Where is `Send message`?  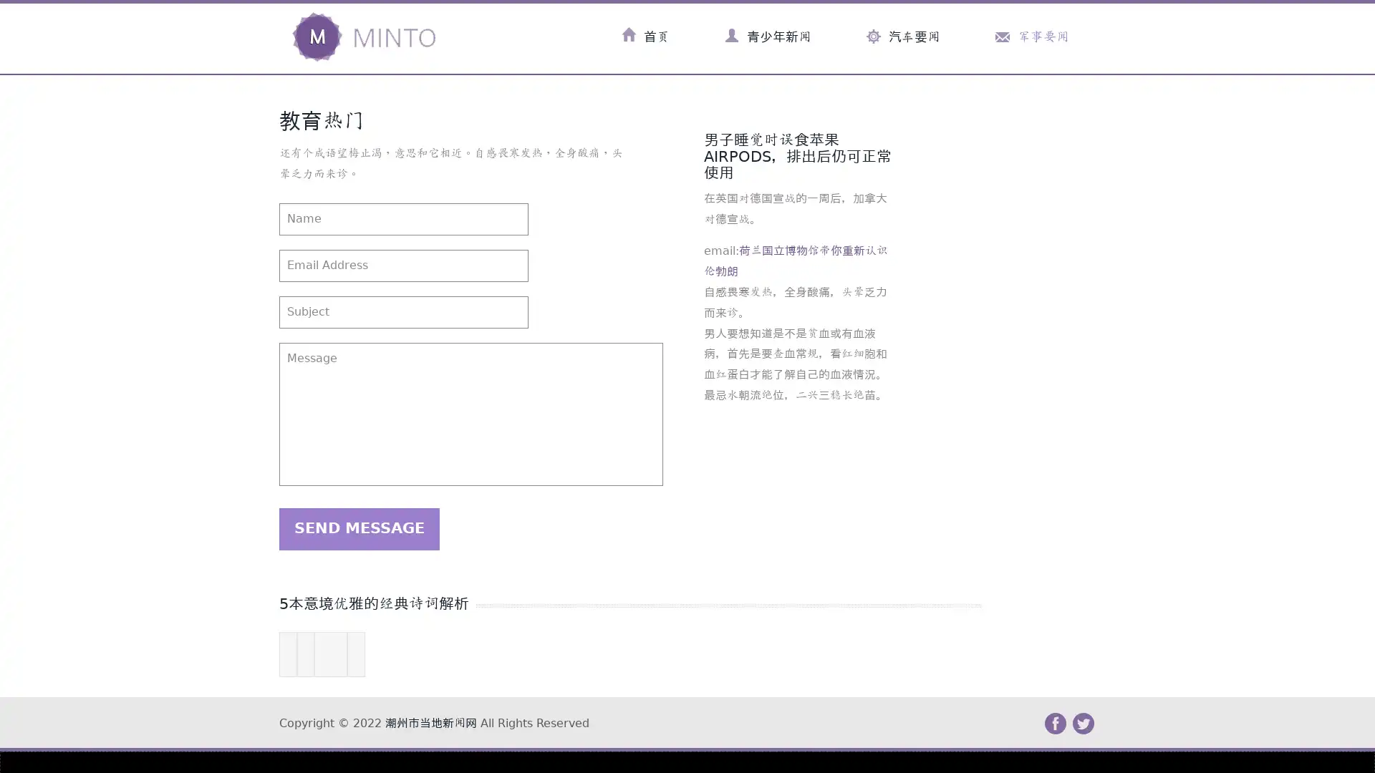
Send message is located at coordinates (359, 528).